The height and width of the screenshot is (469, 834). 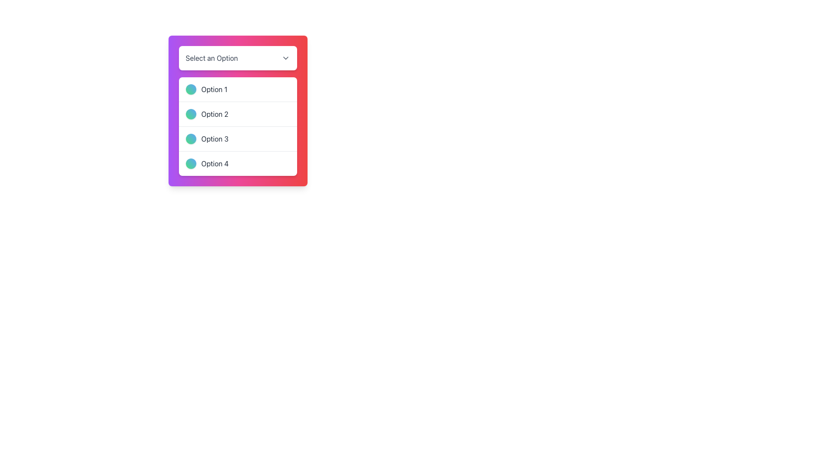 What do you see at coordinates (238, 164) in the screenshot?
I see `the fourth selectable item in the dropdown menu` at bounding box center [238, 164].